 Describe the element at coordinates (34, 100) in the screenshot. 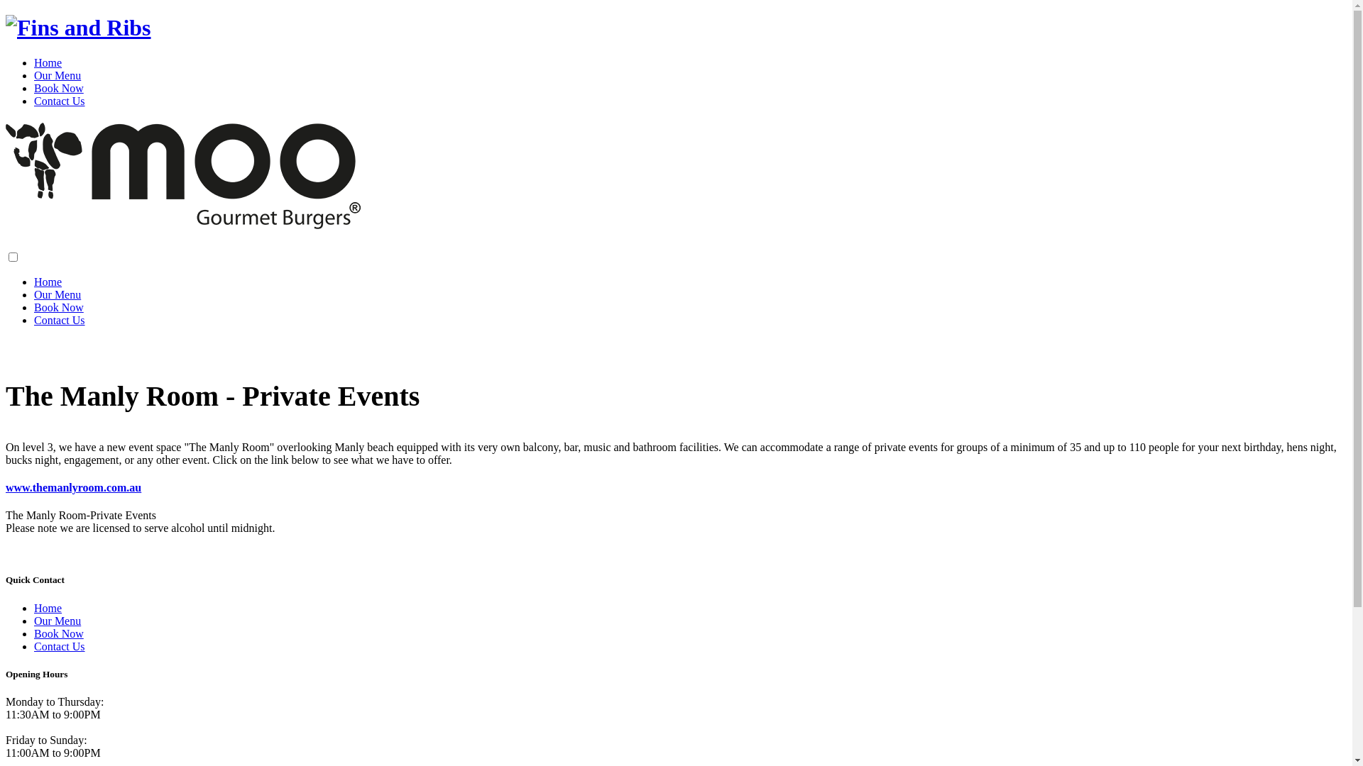

I see `'Contact Us'` at that location.